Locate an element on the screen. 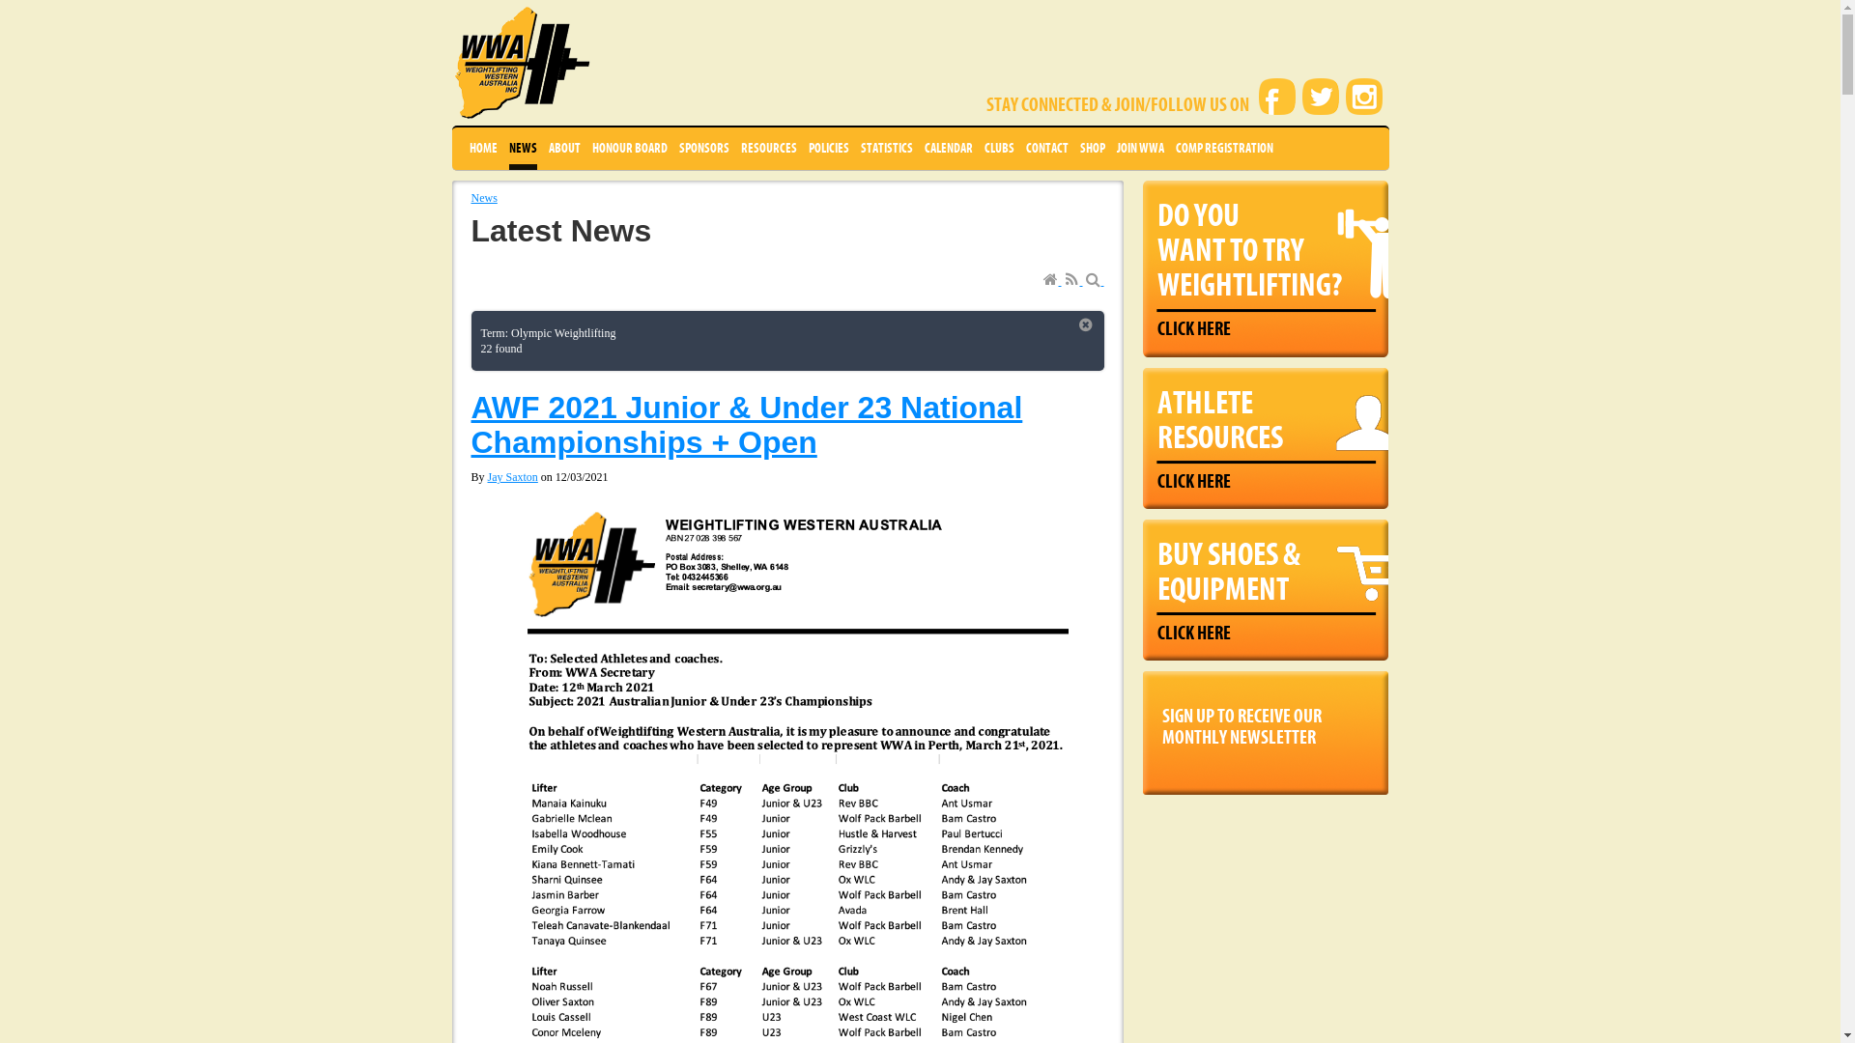 This screenshot has height=1043, width=1855. 'CALENDAR' is located at coordinates (947, 148).